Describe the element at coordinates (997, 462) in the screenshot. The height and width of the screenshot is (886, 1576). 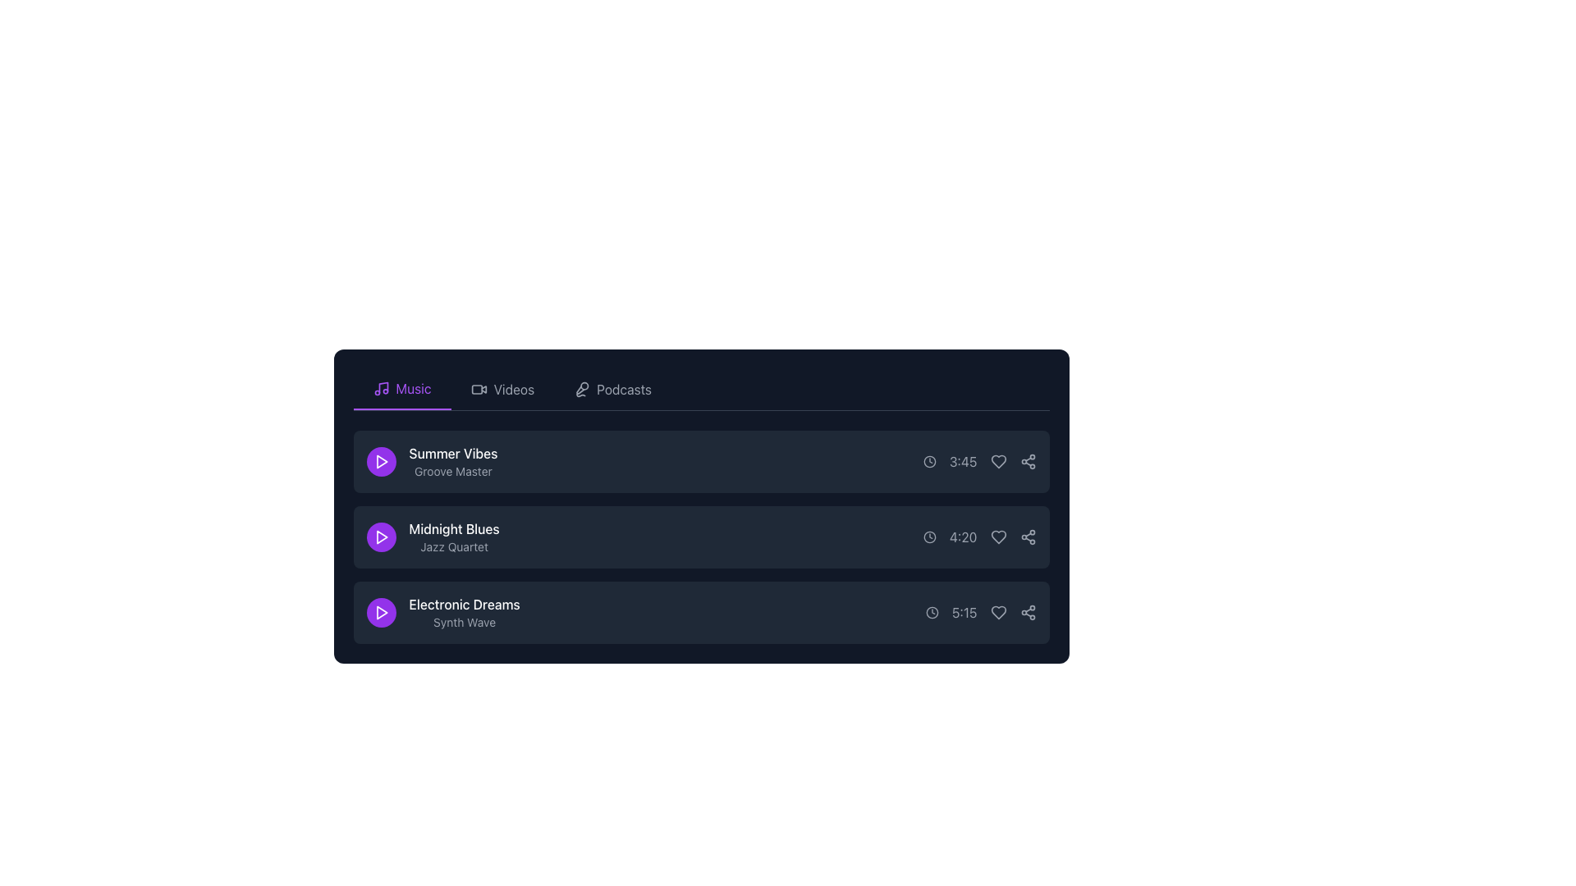
I see `the heart-shaped icon button located at the far right of the 'Summer Vibes' music item information` at that location.